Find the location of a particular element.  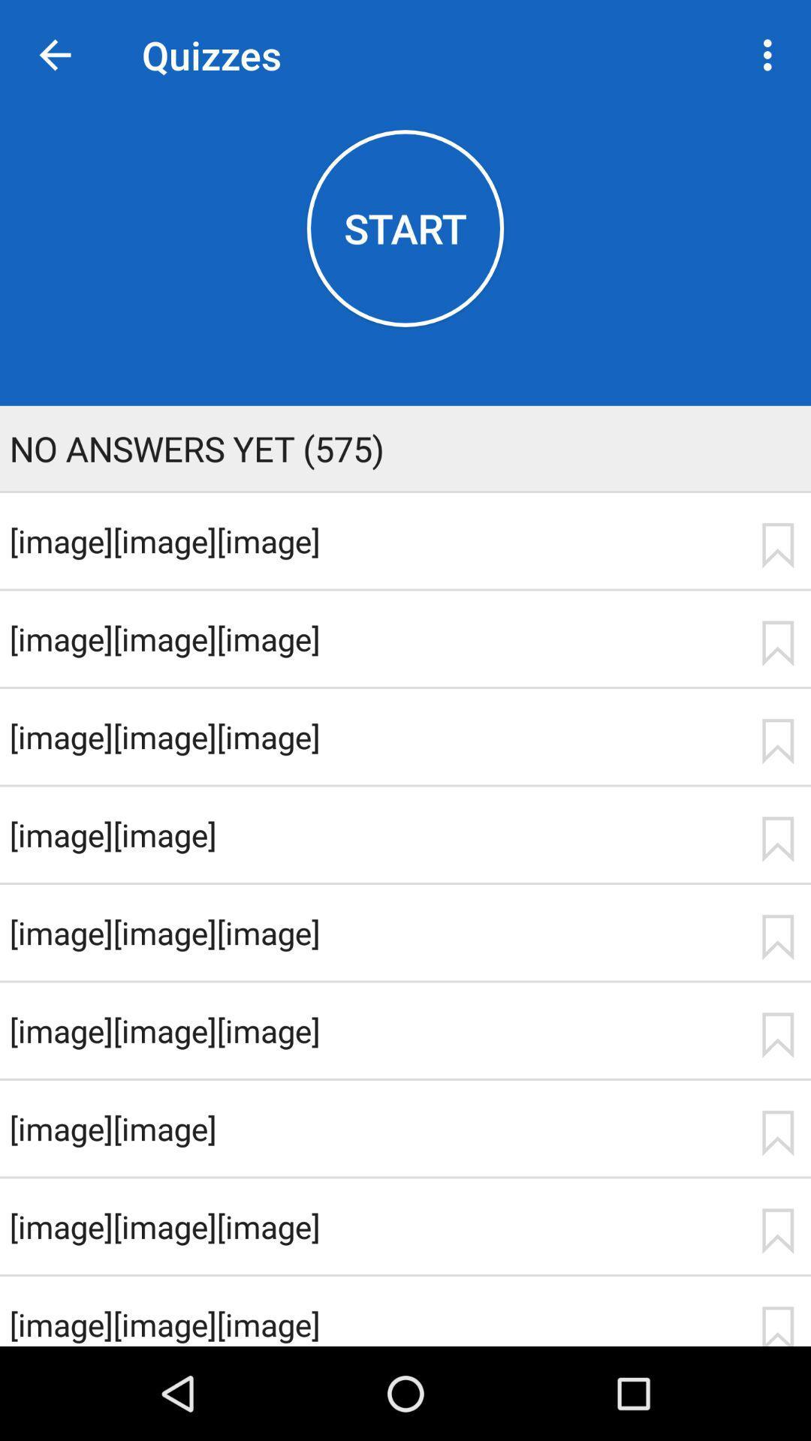

flag image is located at coordinates (777, 1133).